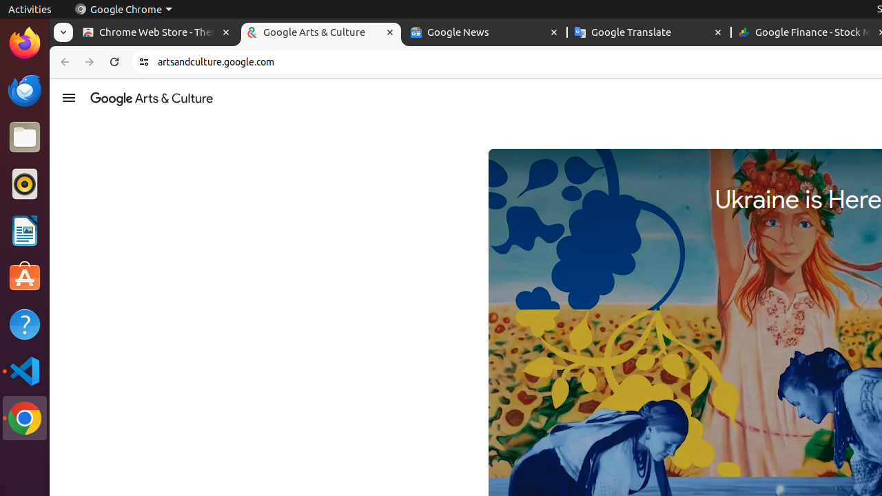 Image resolution: width=882 pixels, height=496 pixels. What do you see at coordinates (68, 96) in the screenshot?
I see `'Menu'` at bounding box center [68, 96].